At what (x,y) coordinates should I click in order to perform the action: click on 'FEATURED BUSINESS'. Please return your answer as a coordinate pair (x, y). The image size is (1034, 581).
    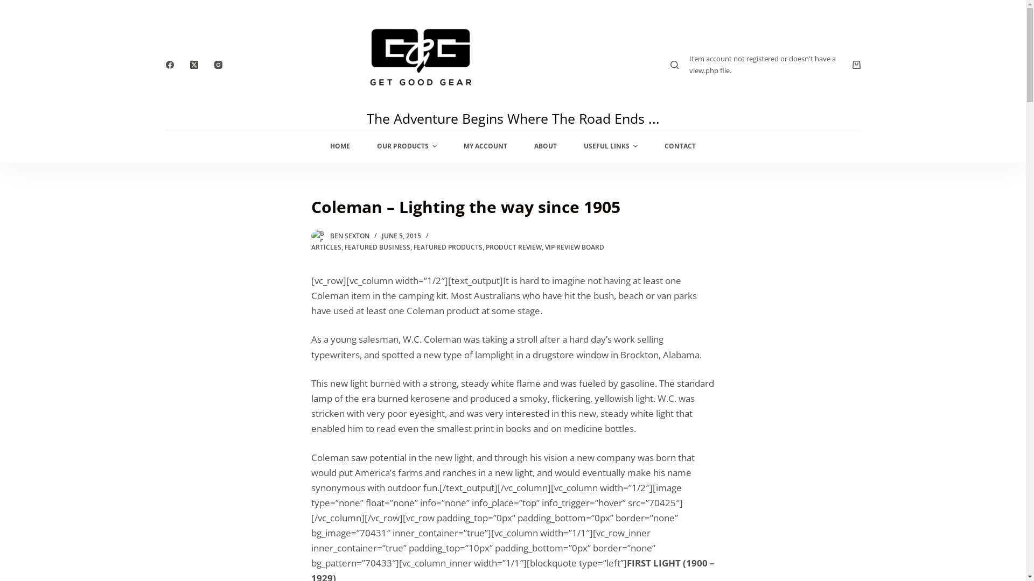
    Looking at the image, I should click on (377, 247).